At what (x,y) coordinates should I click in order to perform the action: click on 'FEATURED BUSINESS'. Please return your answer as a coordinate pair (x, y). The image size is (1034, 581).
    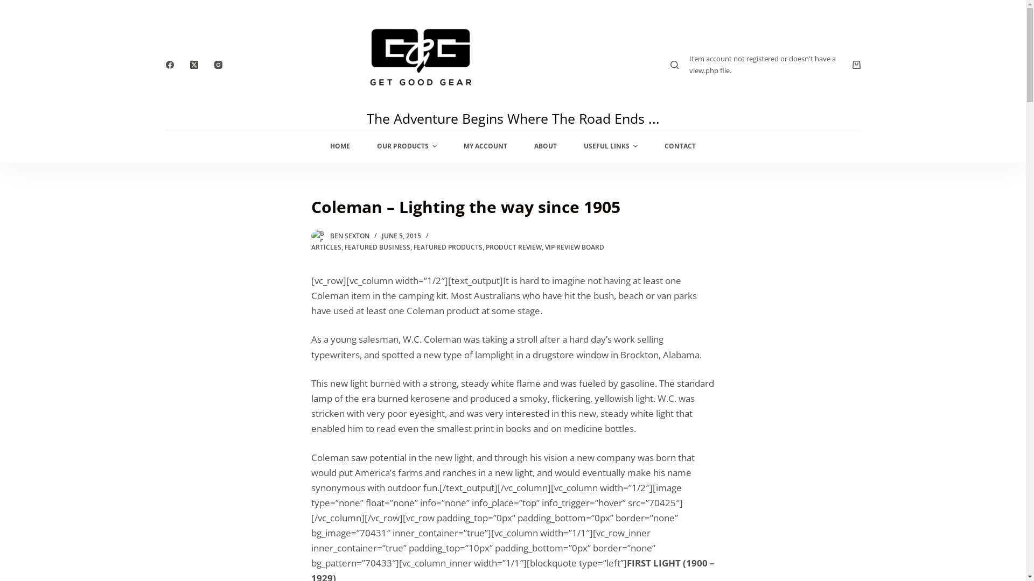
    Looking at the image, I should click on (377, 247).